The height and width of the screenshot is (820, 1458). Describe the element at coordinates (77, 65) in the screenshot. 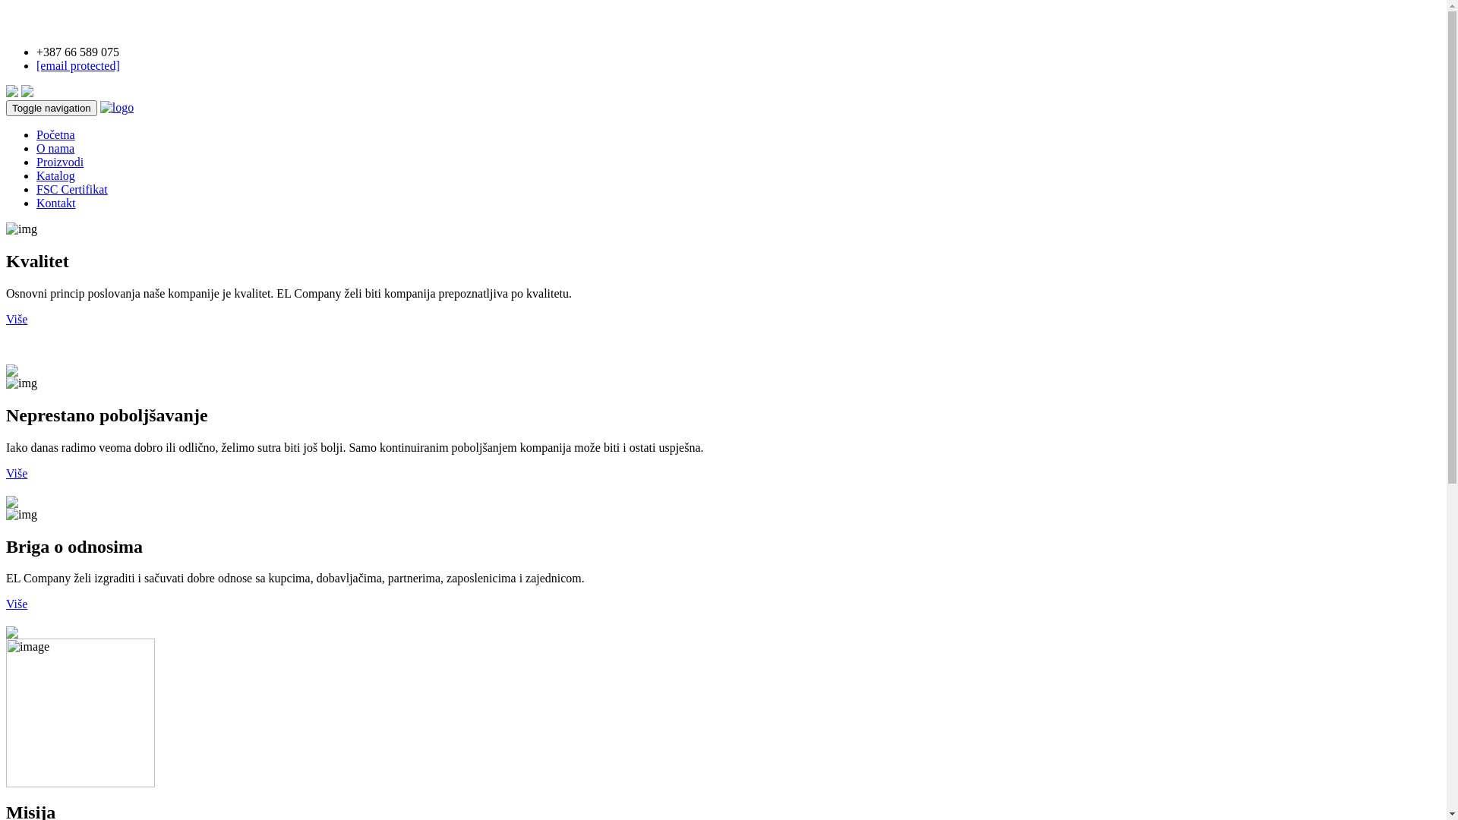

I see `'[email protected]'` at that location.